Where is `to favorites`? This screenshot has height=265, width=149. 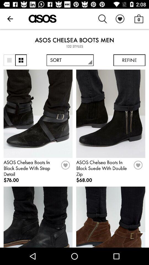 to favorites is located at coordinates (138, 167).